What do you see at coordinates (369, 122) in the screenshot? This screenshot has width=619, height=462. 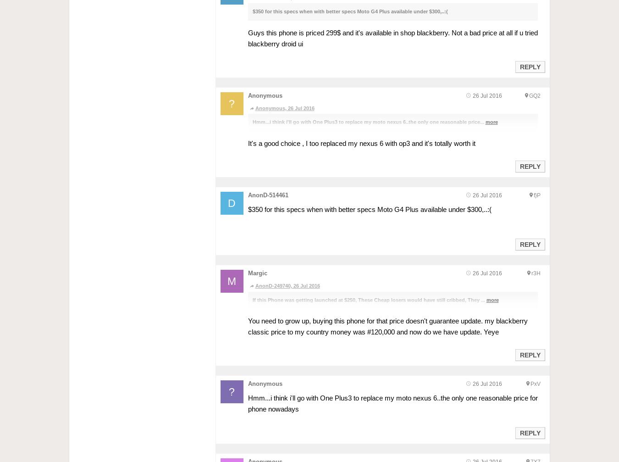 I see `'Hmm...i think i'll go with One Plus3 to replace my moto nexus 6..the only one reasonable price...'` at bounding box center [369, 122].